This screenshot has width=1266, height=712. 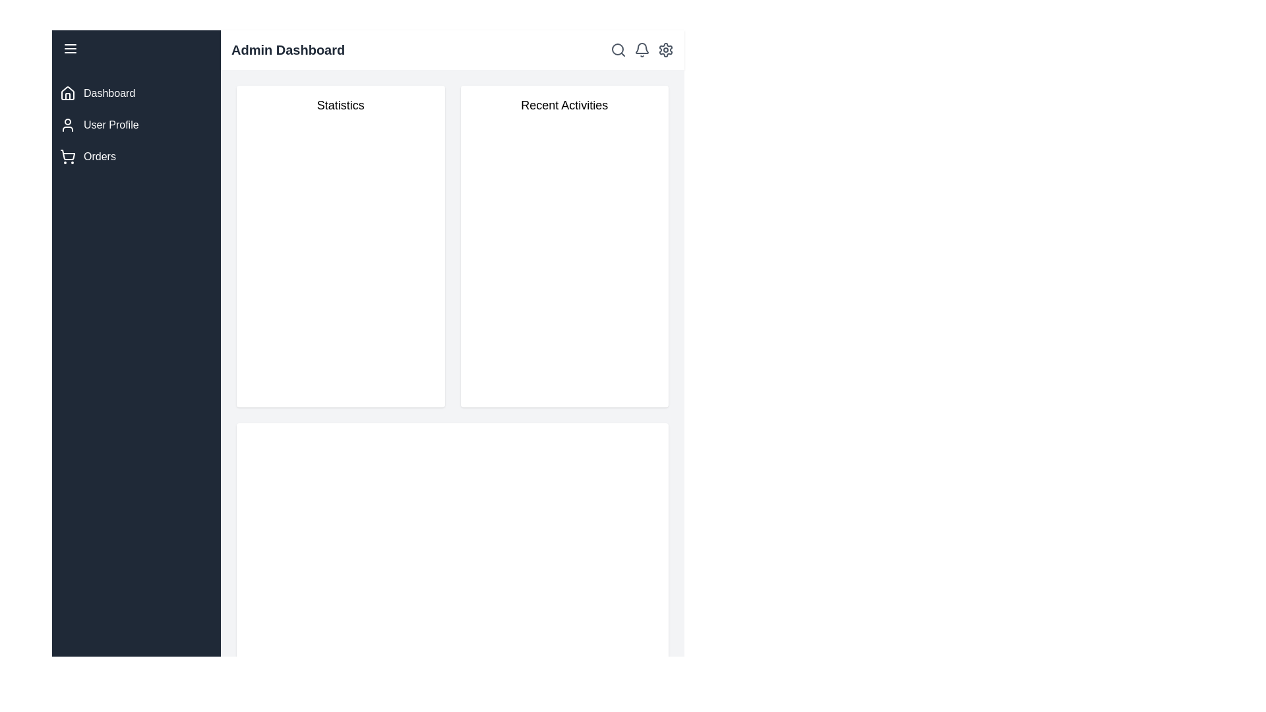 I want to click on the static text label that serves as a title or header for the content section in the left white card under the 'Admin Dashboard' header, so click(x=340, y=104).